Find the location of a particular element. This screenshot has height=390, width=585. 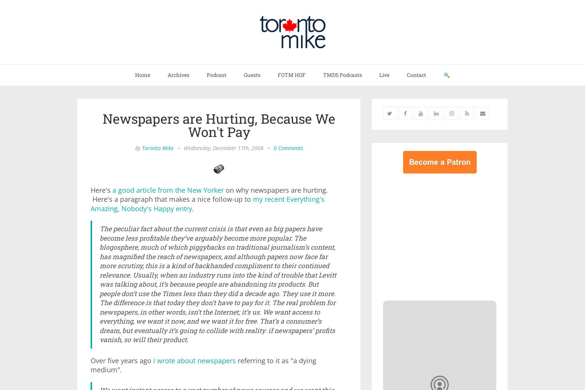

'on why newspapers are hurting.  Here's a paragraph that makes a nice follow-up to' is located at coordinates (209, 194).